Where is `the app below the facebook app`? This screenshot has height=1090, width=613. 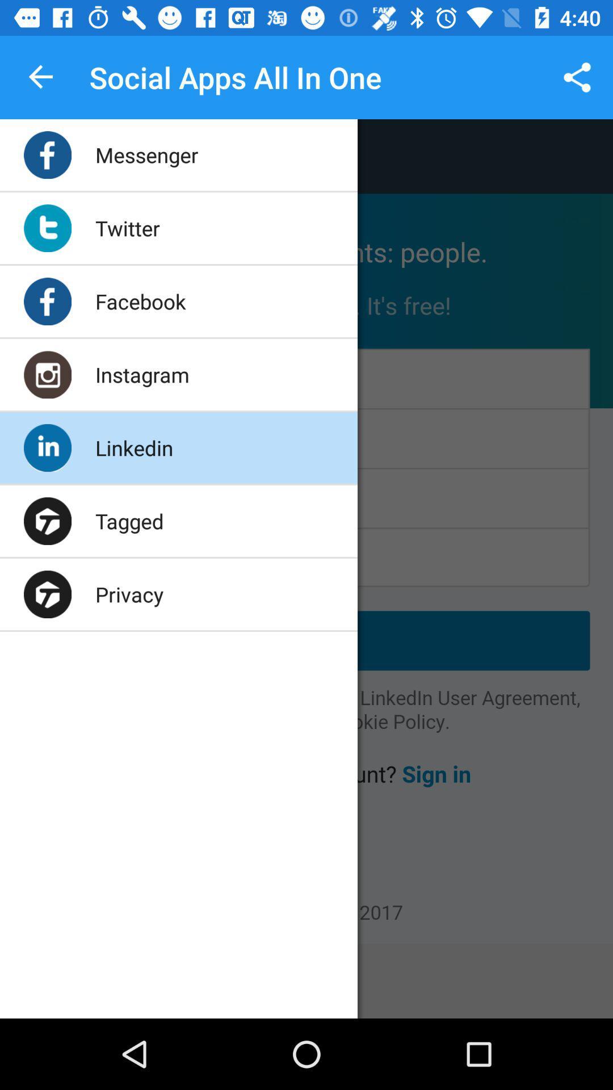
the app below the facebook app is located at coordinates (141, 375).